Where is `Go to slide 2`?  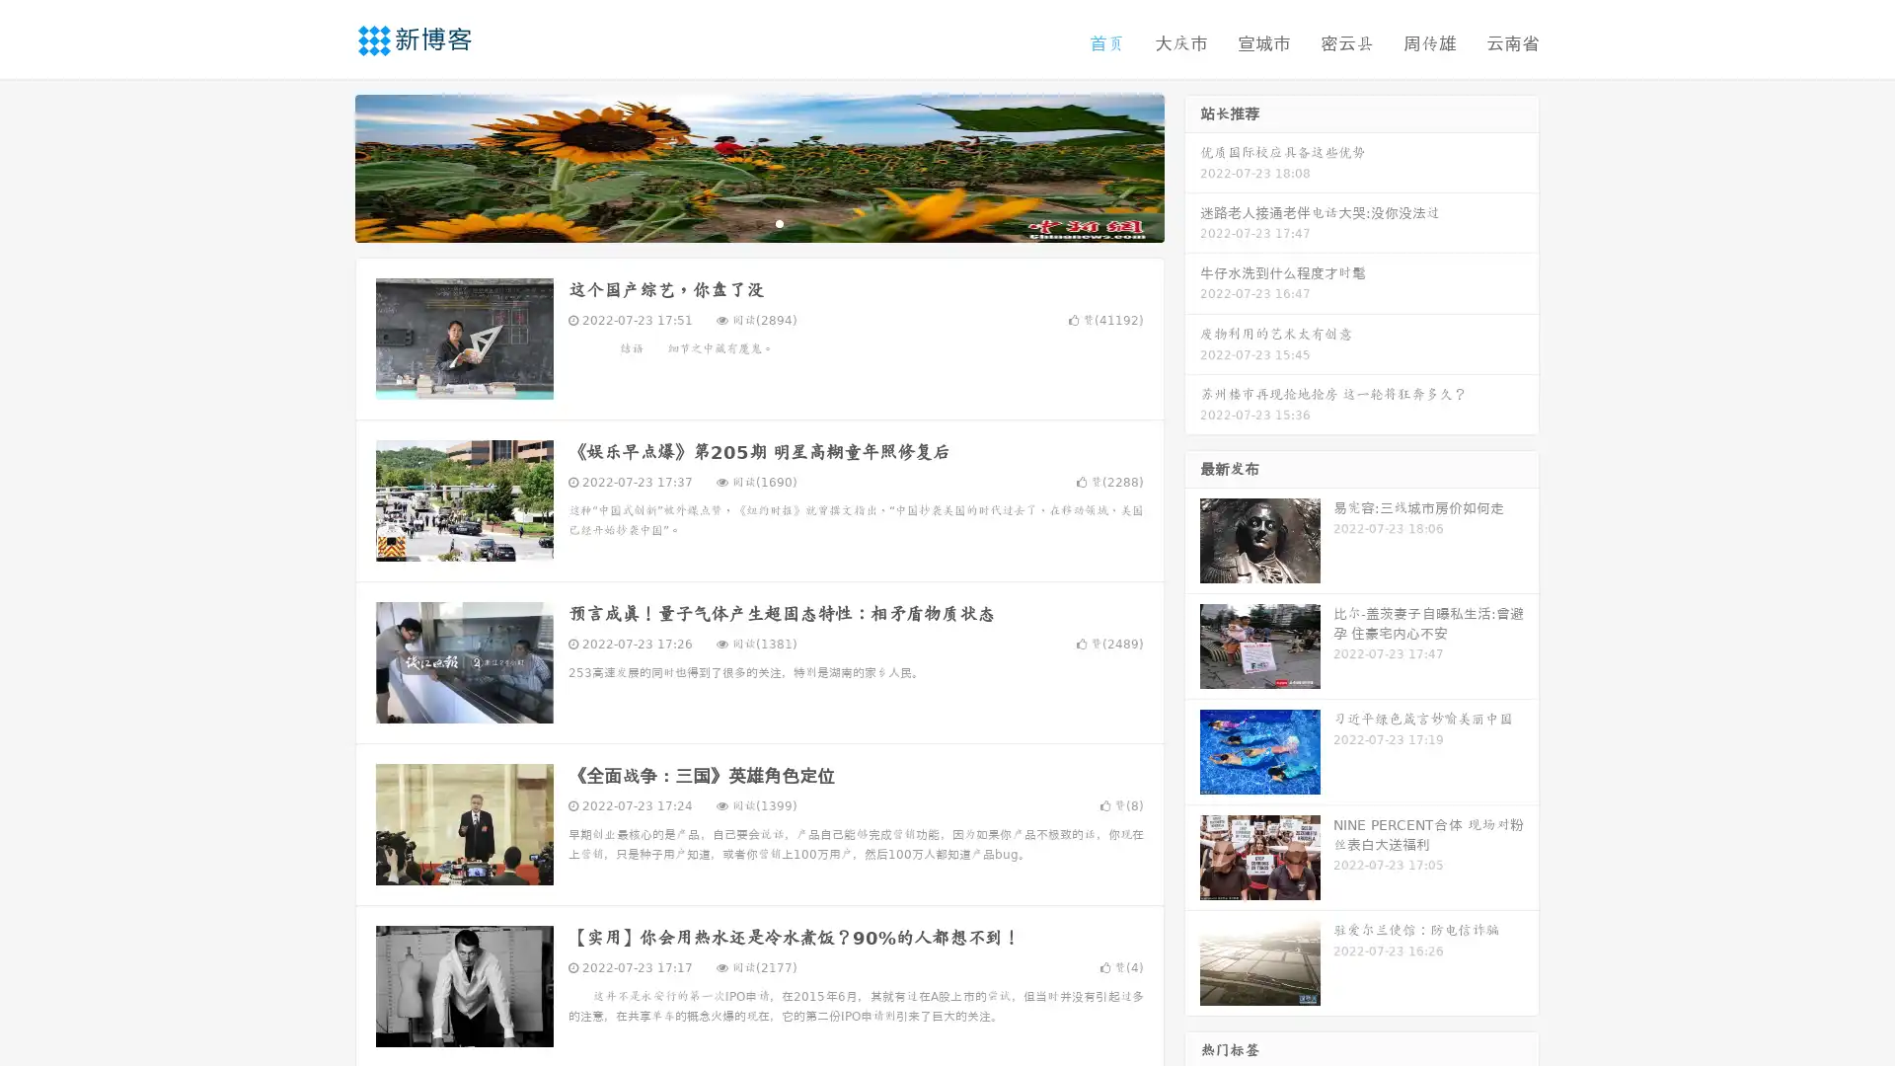
Go to slide 2 is located at coordinates (758, 222).